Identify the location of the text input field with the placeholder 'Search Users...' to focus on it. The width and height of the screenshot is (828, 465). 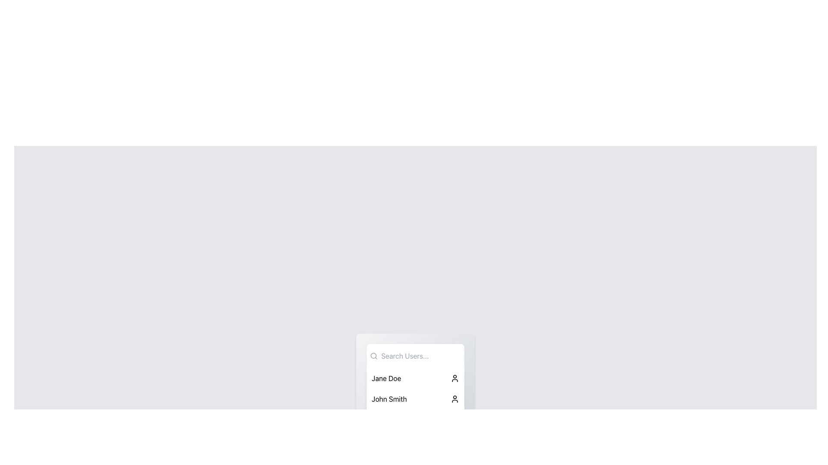
(419, 356).